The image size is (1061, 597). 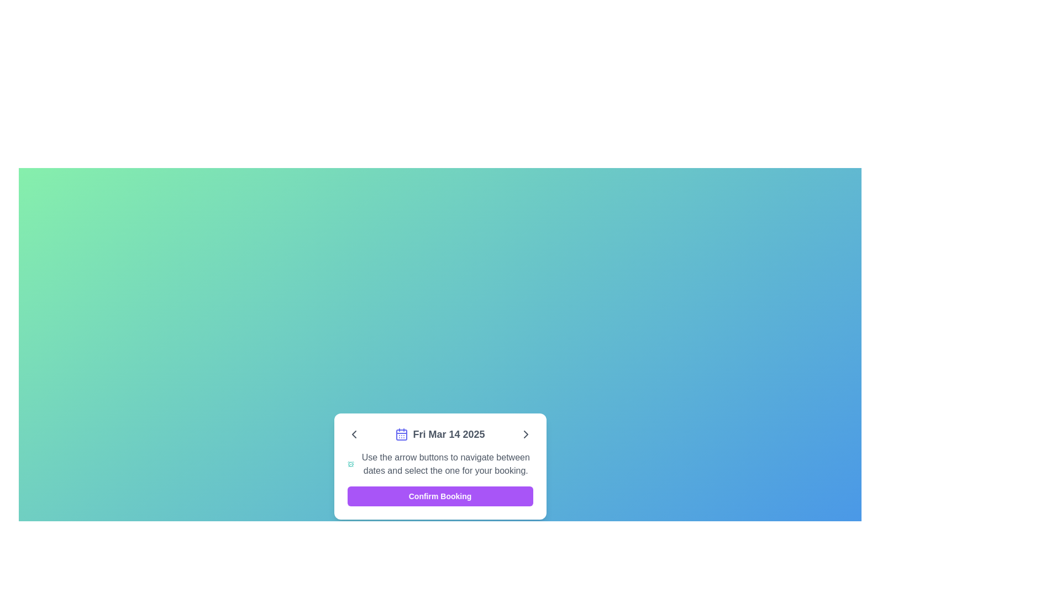 I want to click on the button located in the header section to the far right of 'Fri Mar 14 2025', so click(x=526, y=434).